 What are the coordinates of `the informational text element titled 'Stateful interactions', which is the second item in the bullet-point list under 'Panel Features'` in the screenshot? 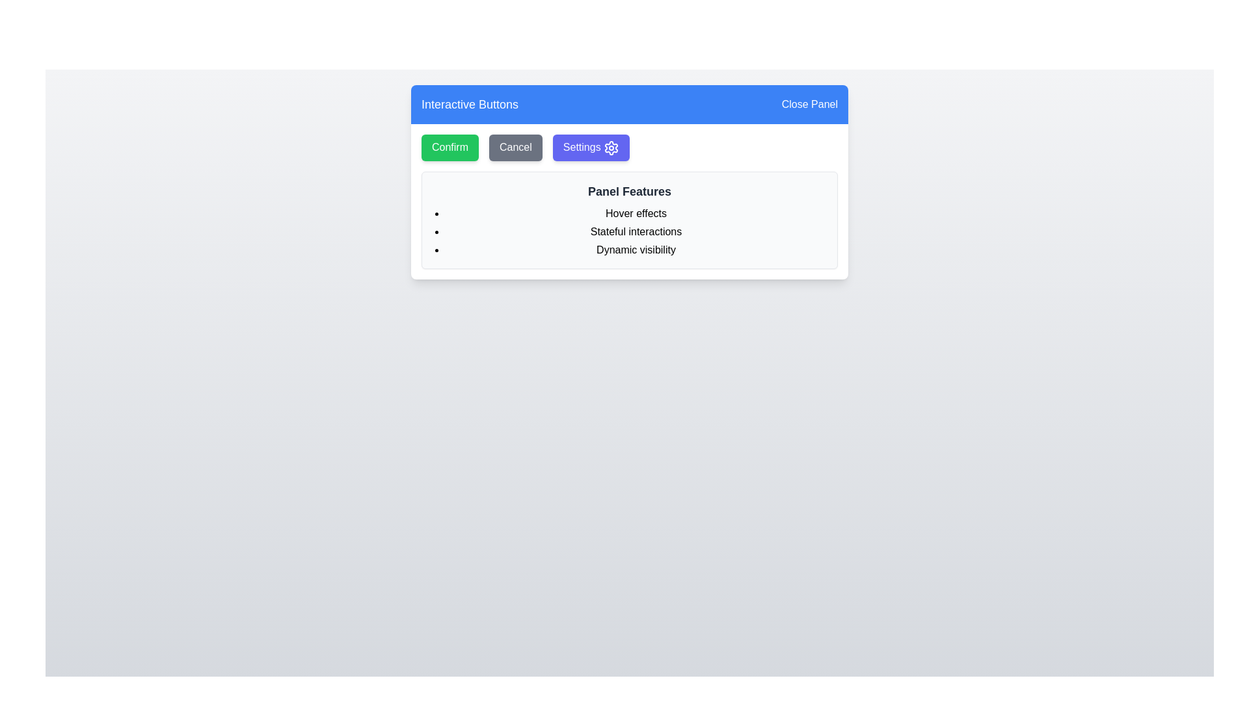 It's located at (636, 230).